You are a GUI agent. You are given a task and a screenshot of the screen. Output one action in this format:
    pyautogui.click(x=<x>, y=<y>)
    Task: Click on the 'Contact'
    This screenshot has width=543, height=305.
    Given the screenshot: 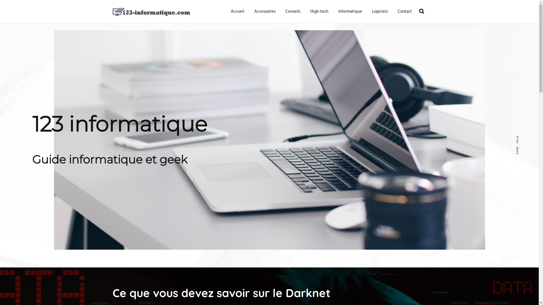 What is the action you would take?
    pyautogui.click(x=404, y=12)
    